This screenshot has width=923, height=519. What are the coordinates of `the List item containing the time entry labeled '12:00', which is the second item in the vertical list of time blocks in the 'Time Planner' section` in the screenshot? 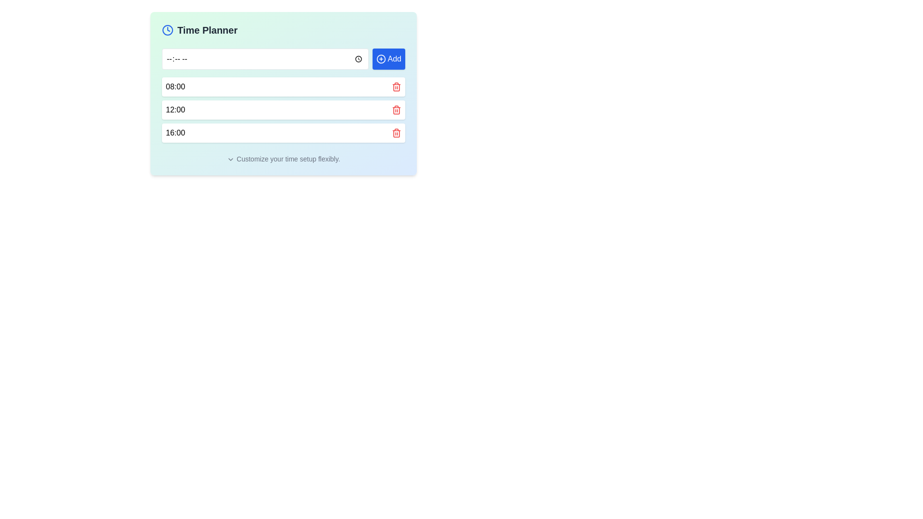 It's located at (283, 109).